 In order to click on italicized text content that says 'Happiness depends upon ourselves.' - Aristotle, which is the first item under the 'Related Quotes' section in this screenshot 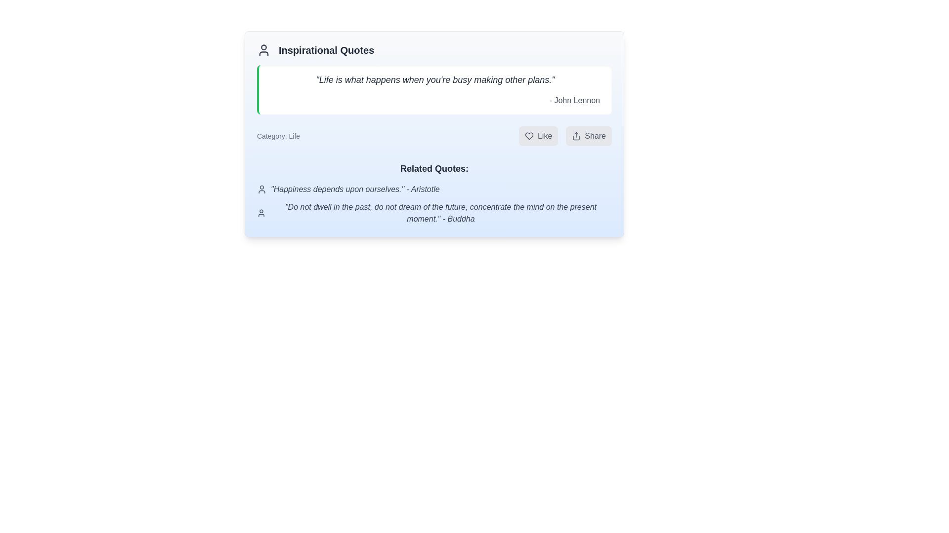, I will do `click(434, 190)`.